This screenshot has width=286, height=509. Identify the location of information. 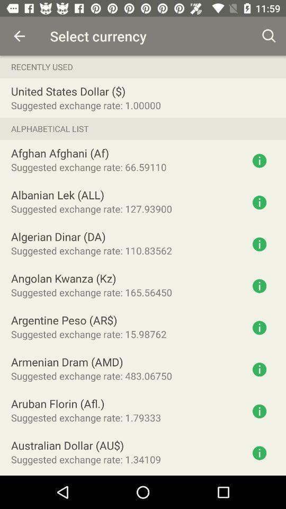
(259, 452).